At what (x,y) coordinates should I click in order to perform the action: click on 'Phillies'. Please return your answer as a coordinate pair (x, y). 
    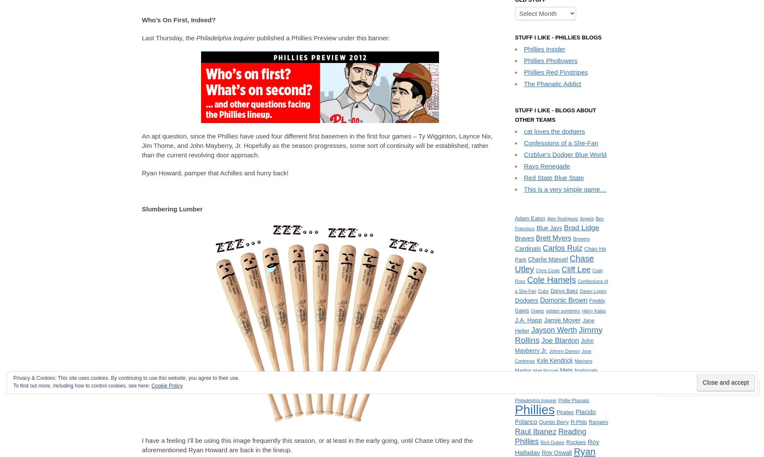
    Looking at the image, I should click on (534, 409).